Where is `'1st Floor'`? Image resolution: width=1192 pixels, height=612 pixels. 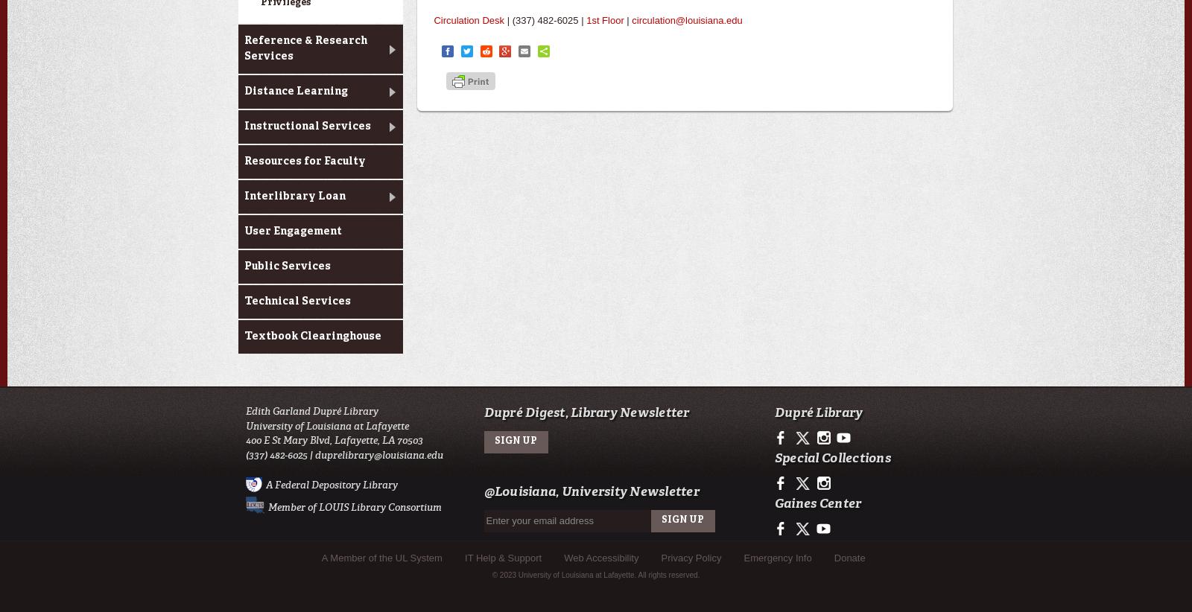 '1st Floor' is located at coordinates (603, 19).